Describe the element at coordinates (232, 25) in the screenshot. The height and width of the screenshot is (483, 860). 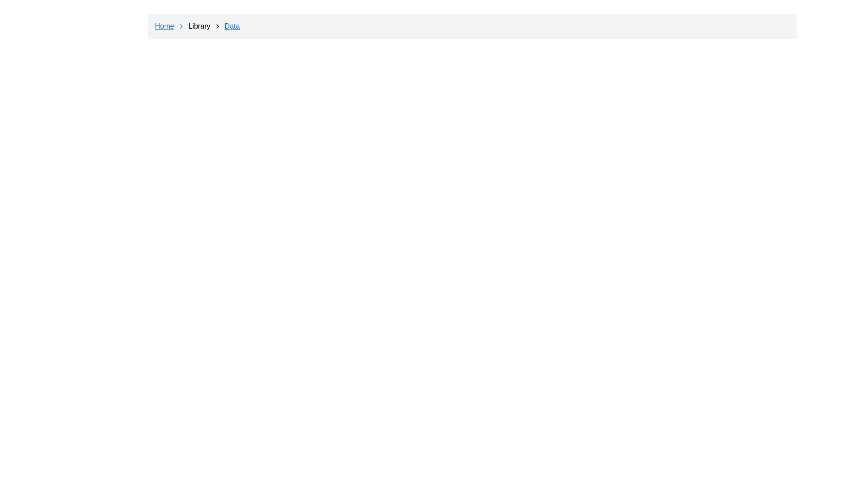
I see `the 'Data' hyperlink in the breadcrumb navigation` at that location.